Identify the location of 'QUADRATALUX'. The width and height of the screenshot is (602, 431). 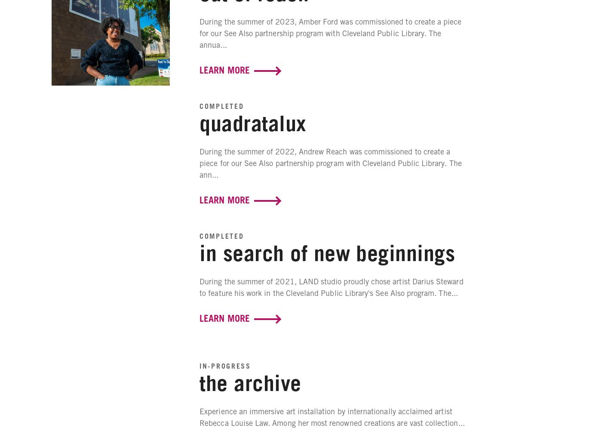
(252, 122).